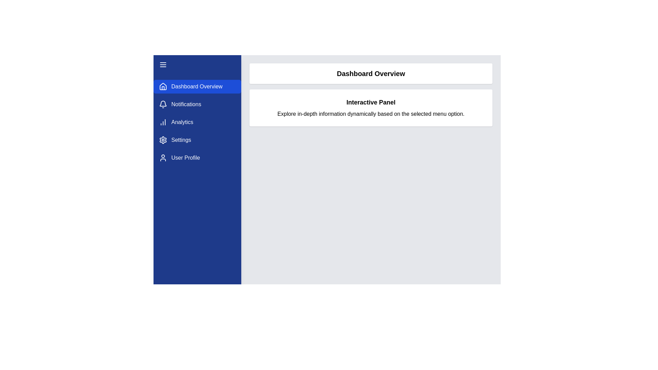 The width and height of the screenshot is (658, 370). What do you see at coordinates (162, 86) in the screenshot?
I see `the house icon in the vertical navigation menu` at bounding box center [162, 86].